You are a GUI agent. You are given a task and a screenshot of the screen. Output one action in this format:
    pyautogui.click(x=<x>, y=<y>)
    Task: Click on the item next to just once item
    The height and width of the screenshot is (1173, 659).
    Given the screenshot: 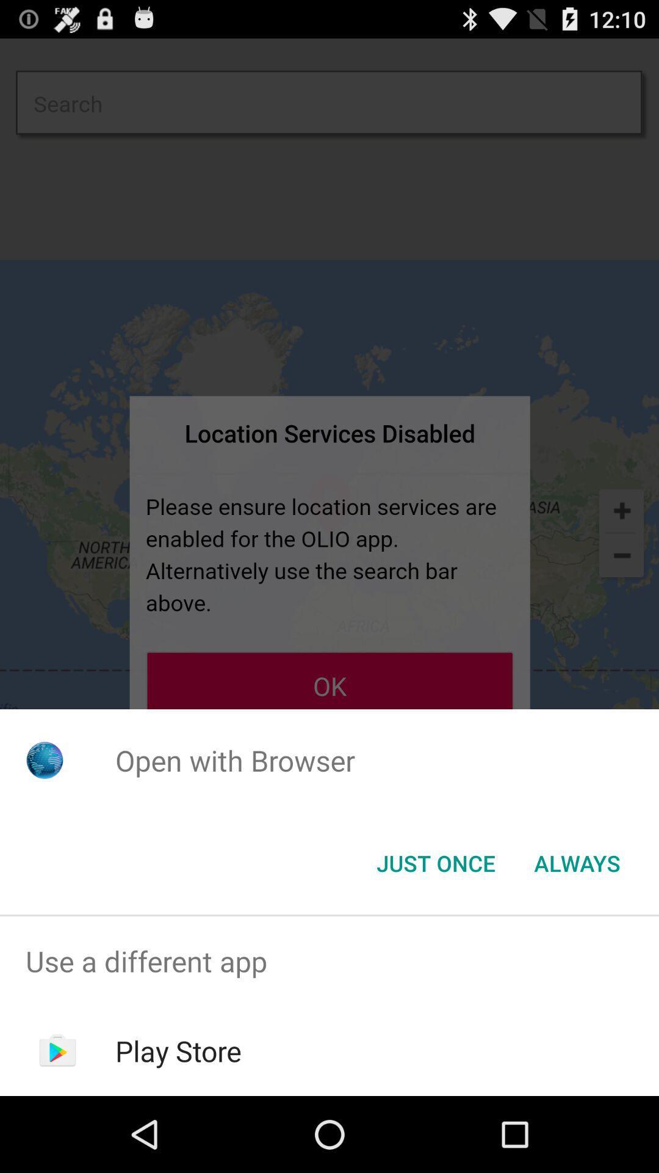 What is the action you would take?
    pyautogui.click(x=577, y=862)
    